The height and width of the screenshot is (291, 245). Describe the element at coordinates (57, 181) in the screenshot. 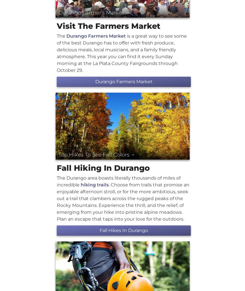

I see `'The Durango area boasts literally thousands of miles of incredible'` at that location.